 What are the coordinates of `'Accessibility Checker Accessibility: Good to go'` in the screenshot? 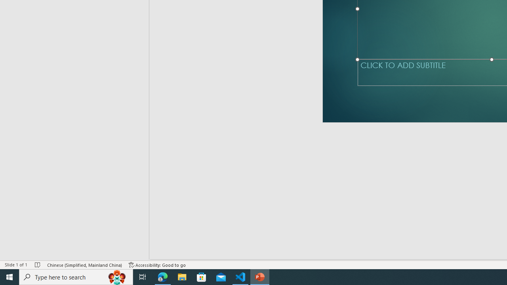 It's located at (157, 265).